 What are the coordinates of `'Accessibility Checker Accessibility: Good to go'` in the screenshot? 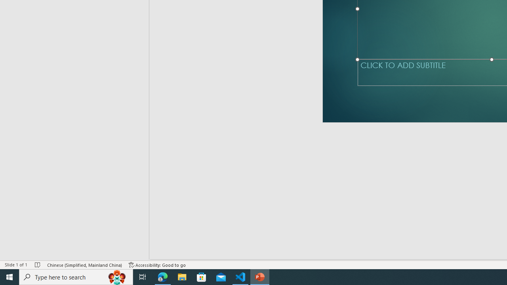 It's located at (157, 265).